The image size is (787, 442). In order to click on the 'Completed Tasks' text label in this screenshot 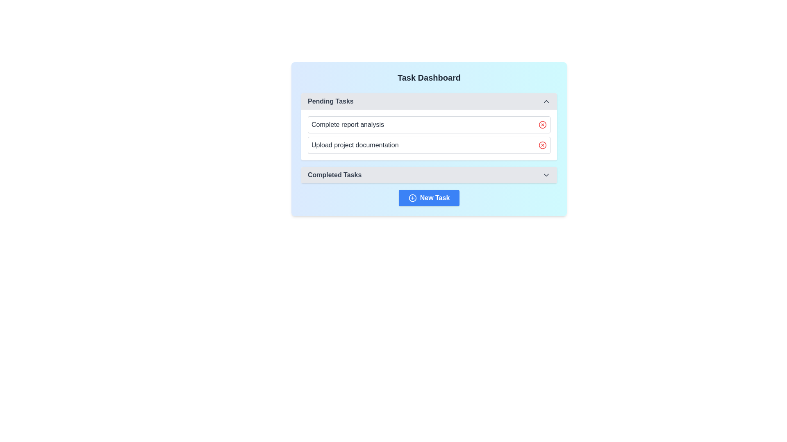, I will do `click(334, 175)`.